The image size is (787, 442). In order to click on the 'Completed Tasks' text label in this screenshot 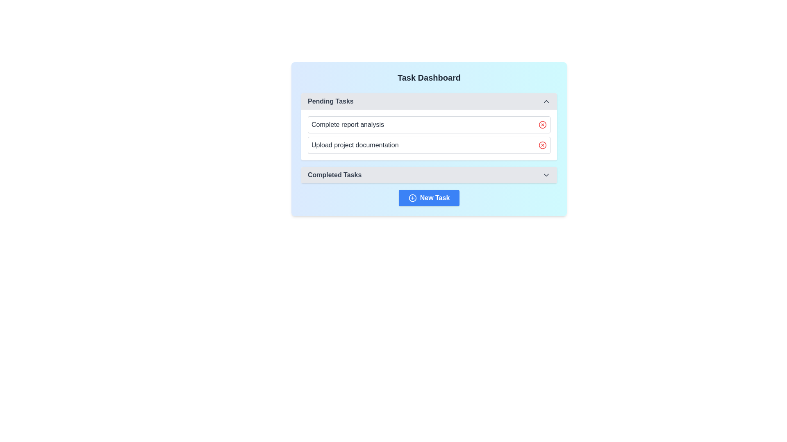, I will do `click(334, 175)`.